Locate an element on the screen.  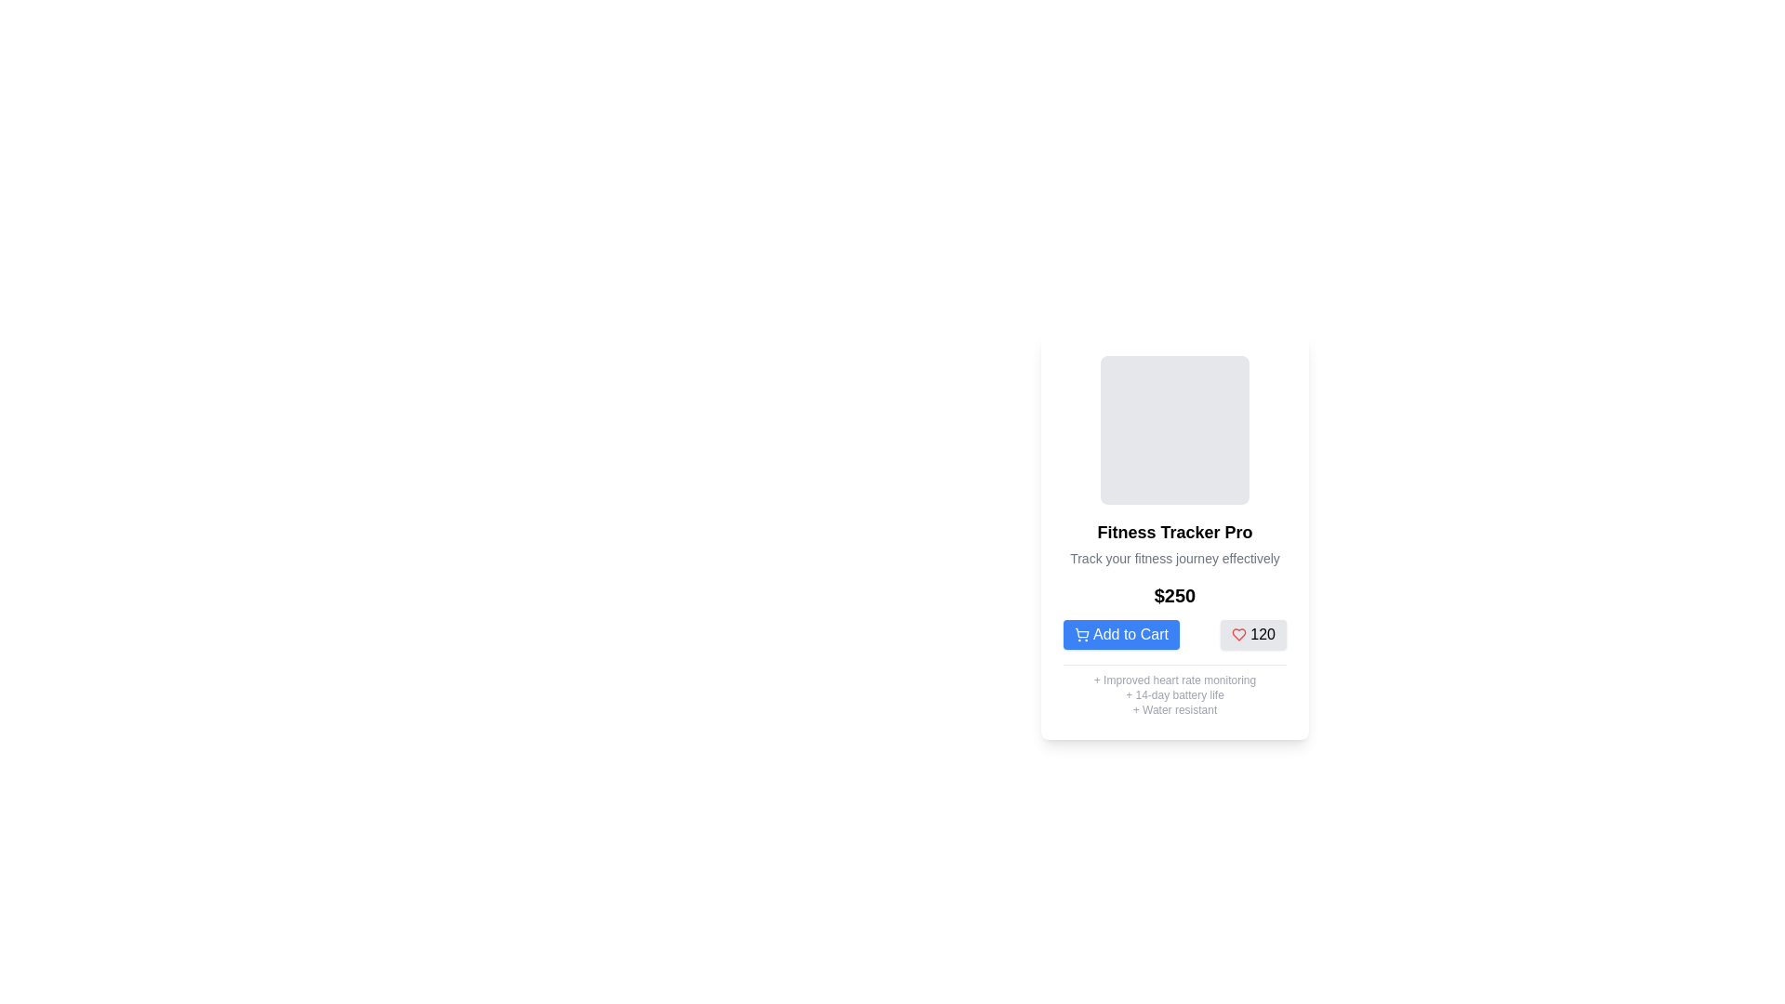
features displayed in the Textual Information Block located at the bottom of the fitness tracker information card, which contains three bullet points in small, gray text with a plus sign preceding each line is located at coordinates (1173, 691).